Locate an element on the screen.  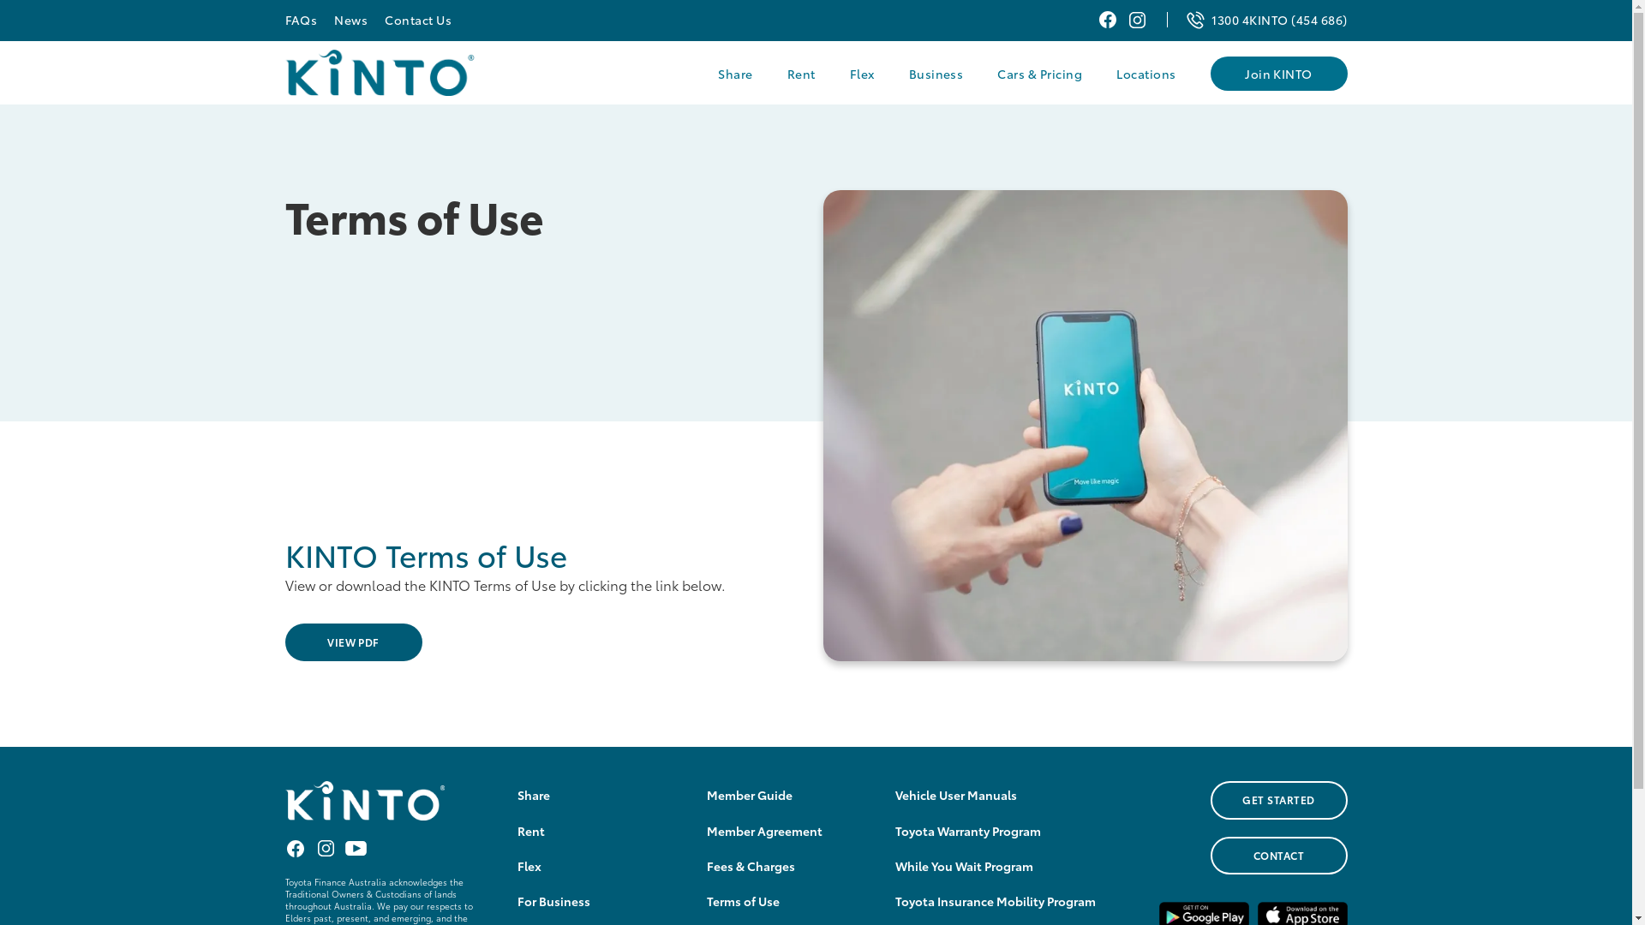
'Terms of Use' is located at coordinates (707, 900).